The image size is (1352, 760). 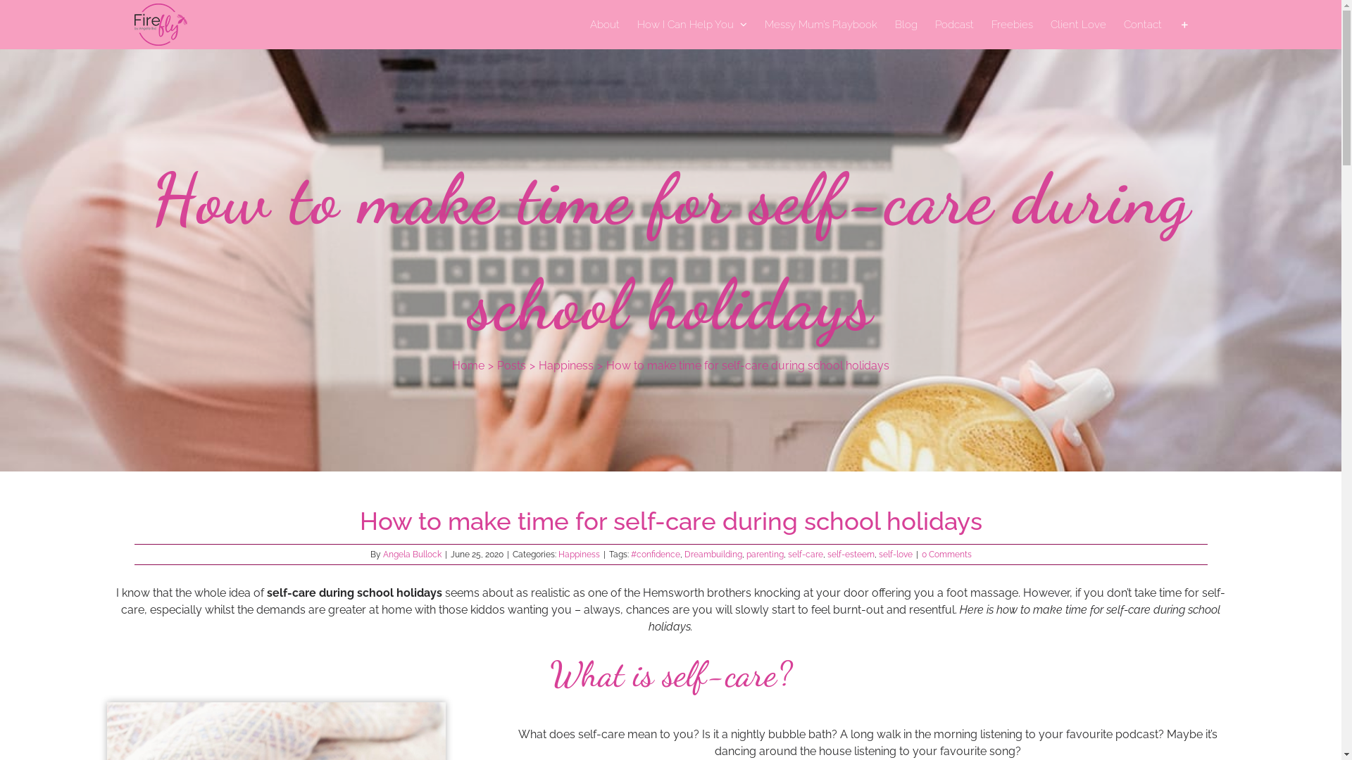 I want to click on 'Happiness', so click(x=566, y=365).